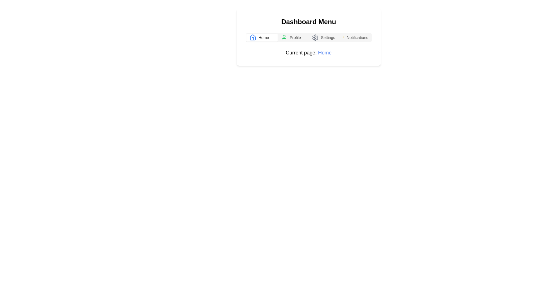 The width and height of the screenshot is (540, 303). What do you see at coordinates (308, 38) in the screenshot?
I see `the segmented control located at the top-center of the page, just below the 'Dashboard Menu'` at bounding box center [308, 38].